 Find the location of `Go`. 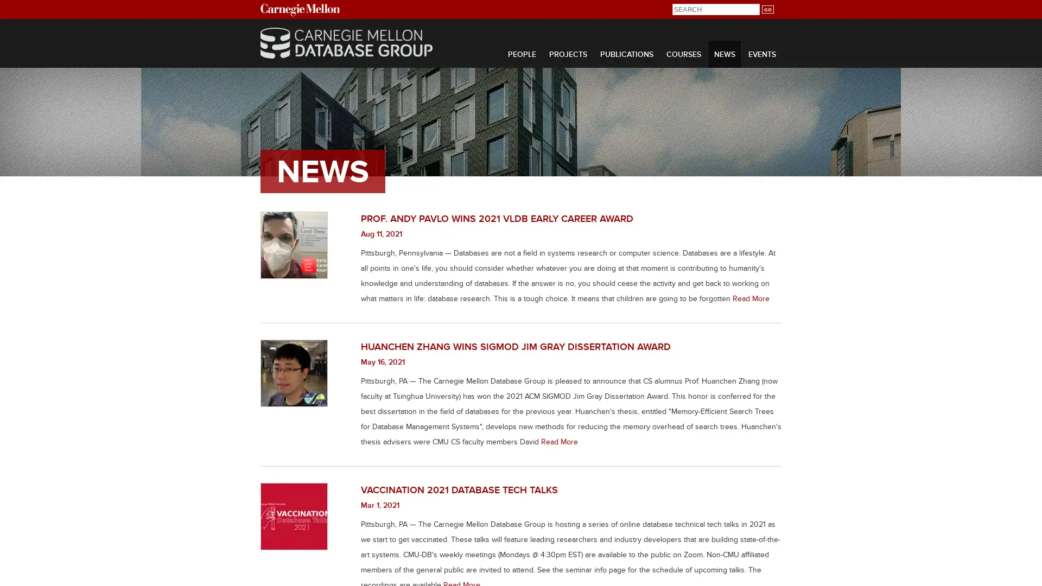

Go is located at coordinates (767, 9).